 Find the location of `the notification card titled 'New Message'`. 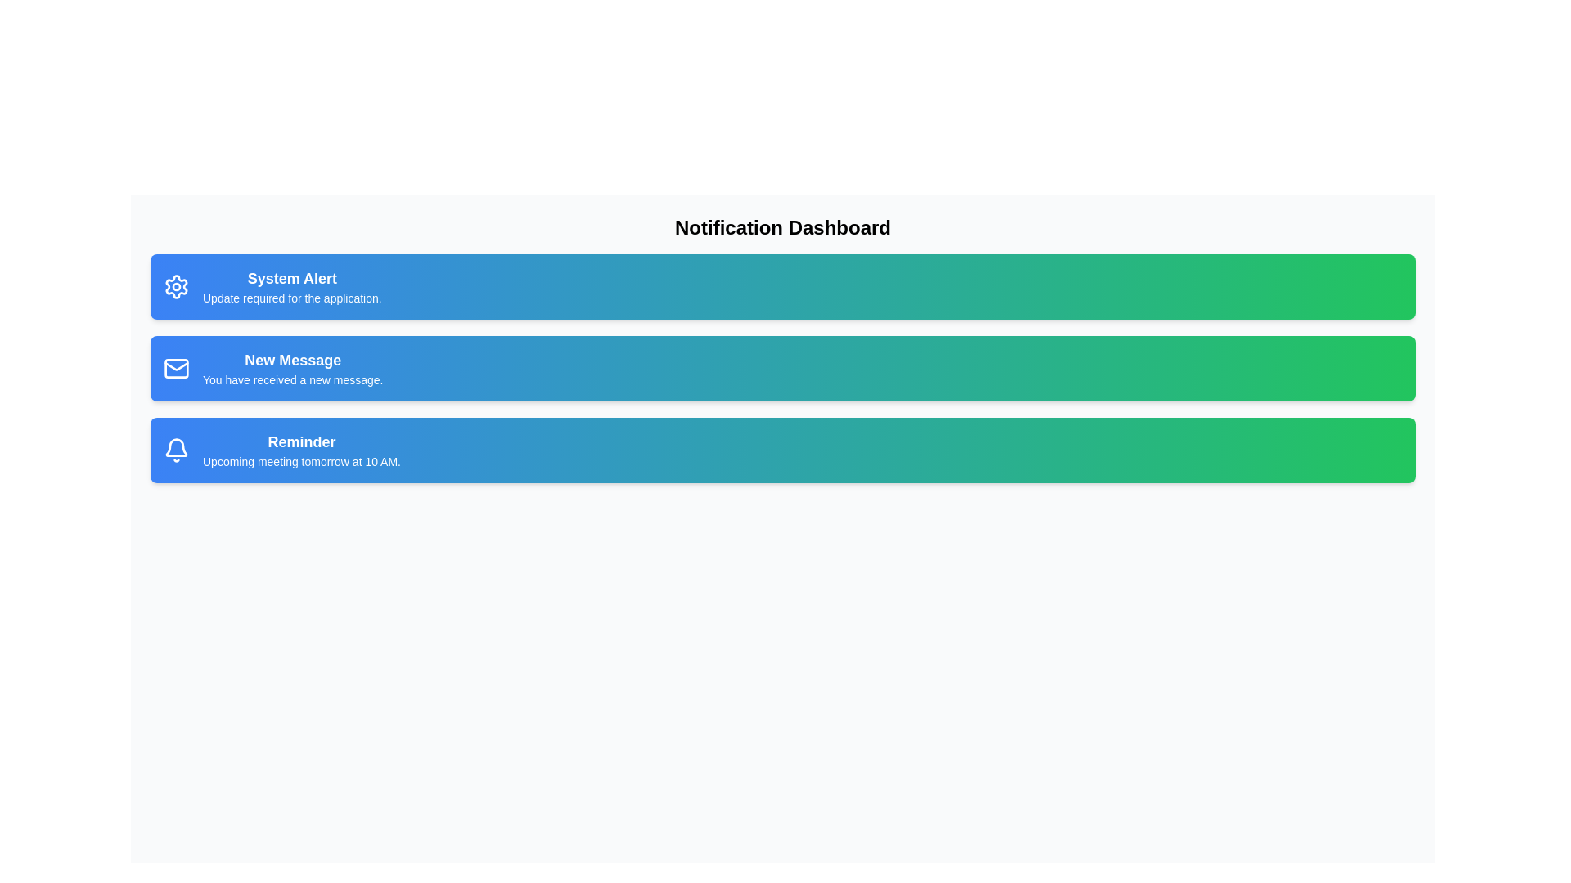

the notification card titled 'New Message' is located at coordinates (781, 369).